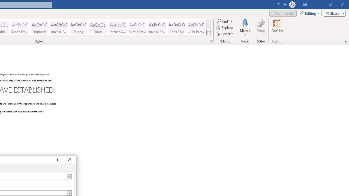 The height and width of the screenshot is (196, 349). What do you see at coordinates (70, 159) in the screenshot?
I see `'Close'` at bounding box center [70, 159].